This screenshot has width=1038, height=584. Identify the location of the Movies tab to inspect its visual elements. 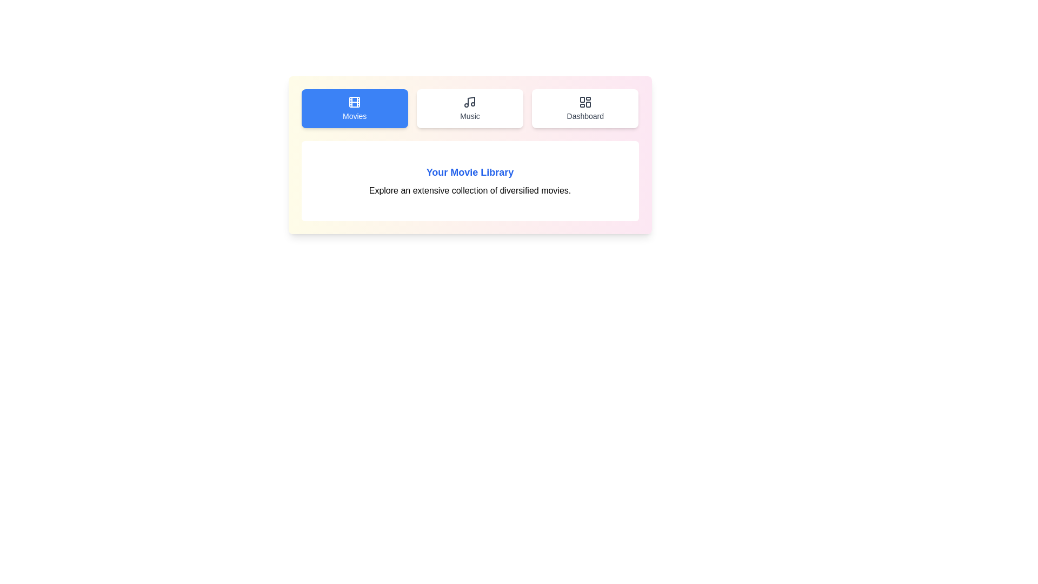
(355, 108).